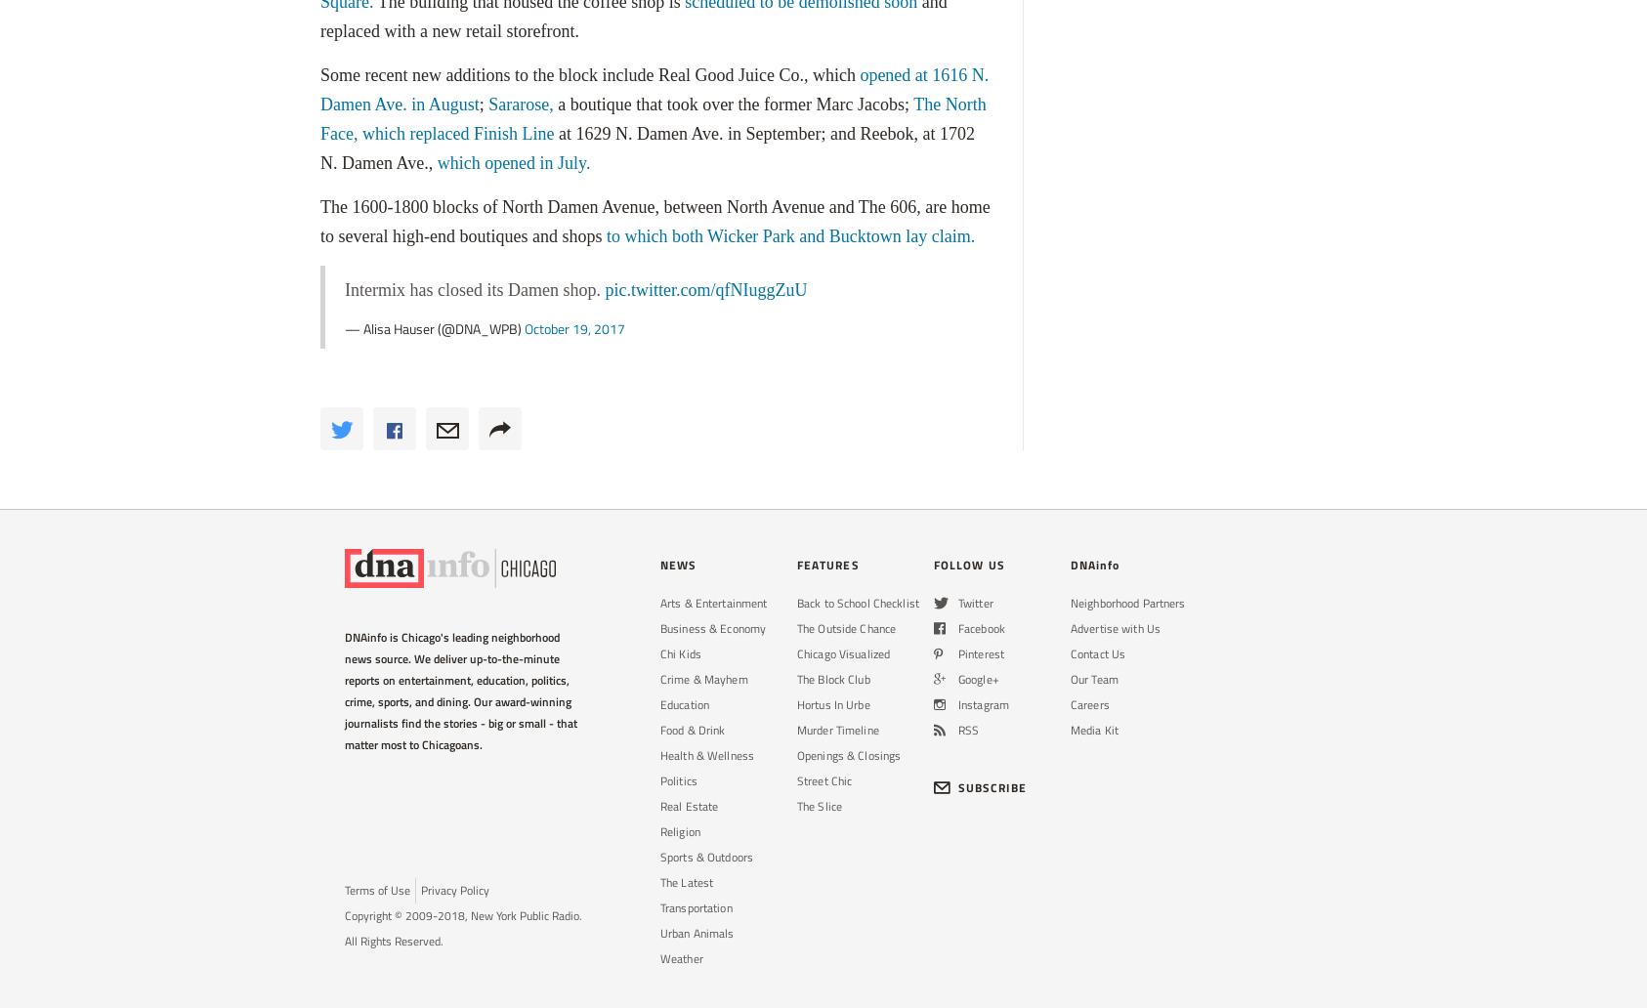 This screenshot has height=1008, width=1647. Describe the element at coordinates (957, 787) in the screenshot. I see `'SUBSCRIBE'` at that location.